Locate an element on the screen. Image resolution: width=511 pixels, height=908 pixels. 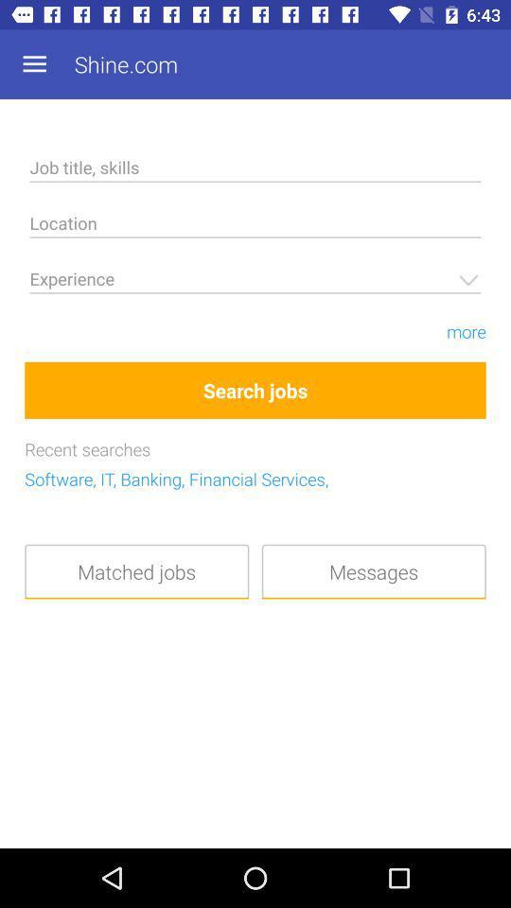
the drop down in the page is located at coordinates (255, 281).